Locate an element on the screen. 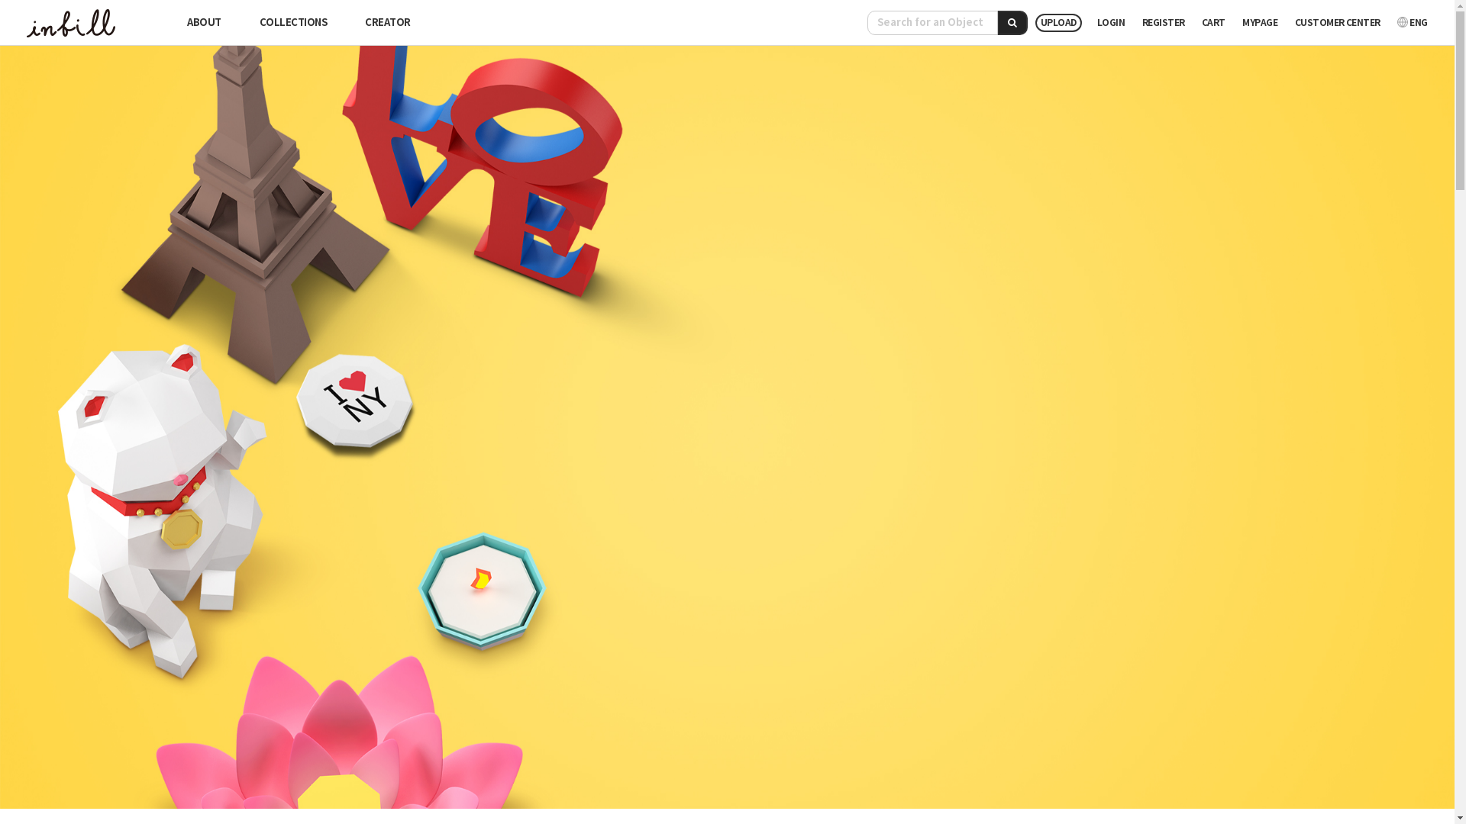 Image resolution: width=1466 pixels, height=824 pixels. 'UPLOAD' is located at coordinates (1058, 23).